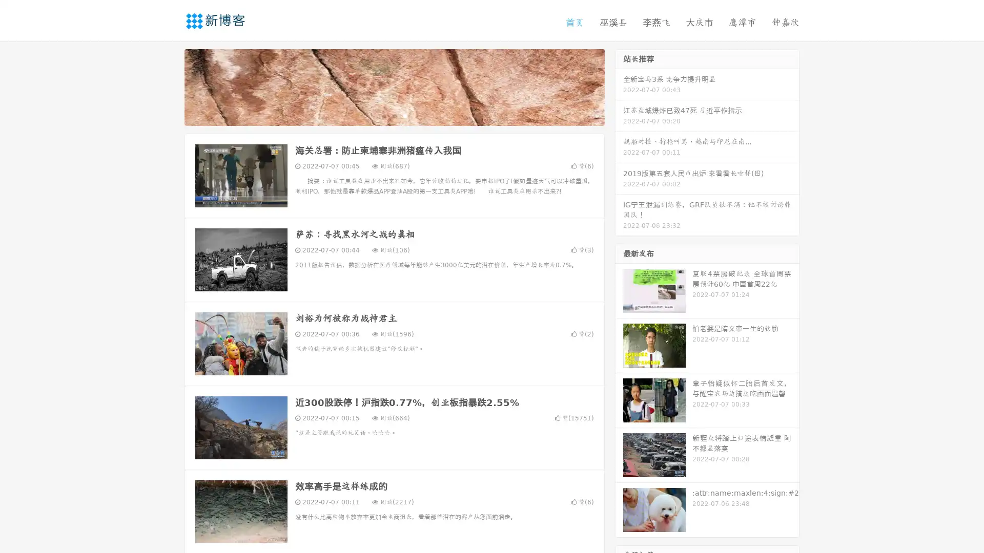 Image resolution: width=984 pixels, height=553 pixels. I want to click on Go to slide 2, so click(394, 115).